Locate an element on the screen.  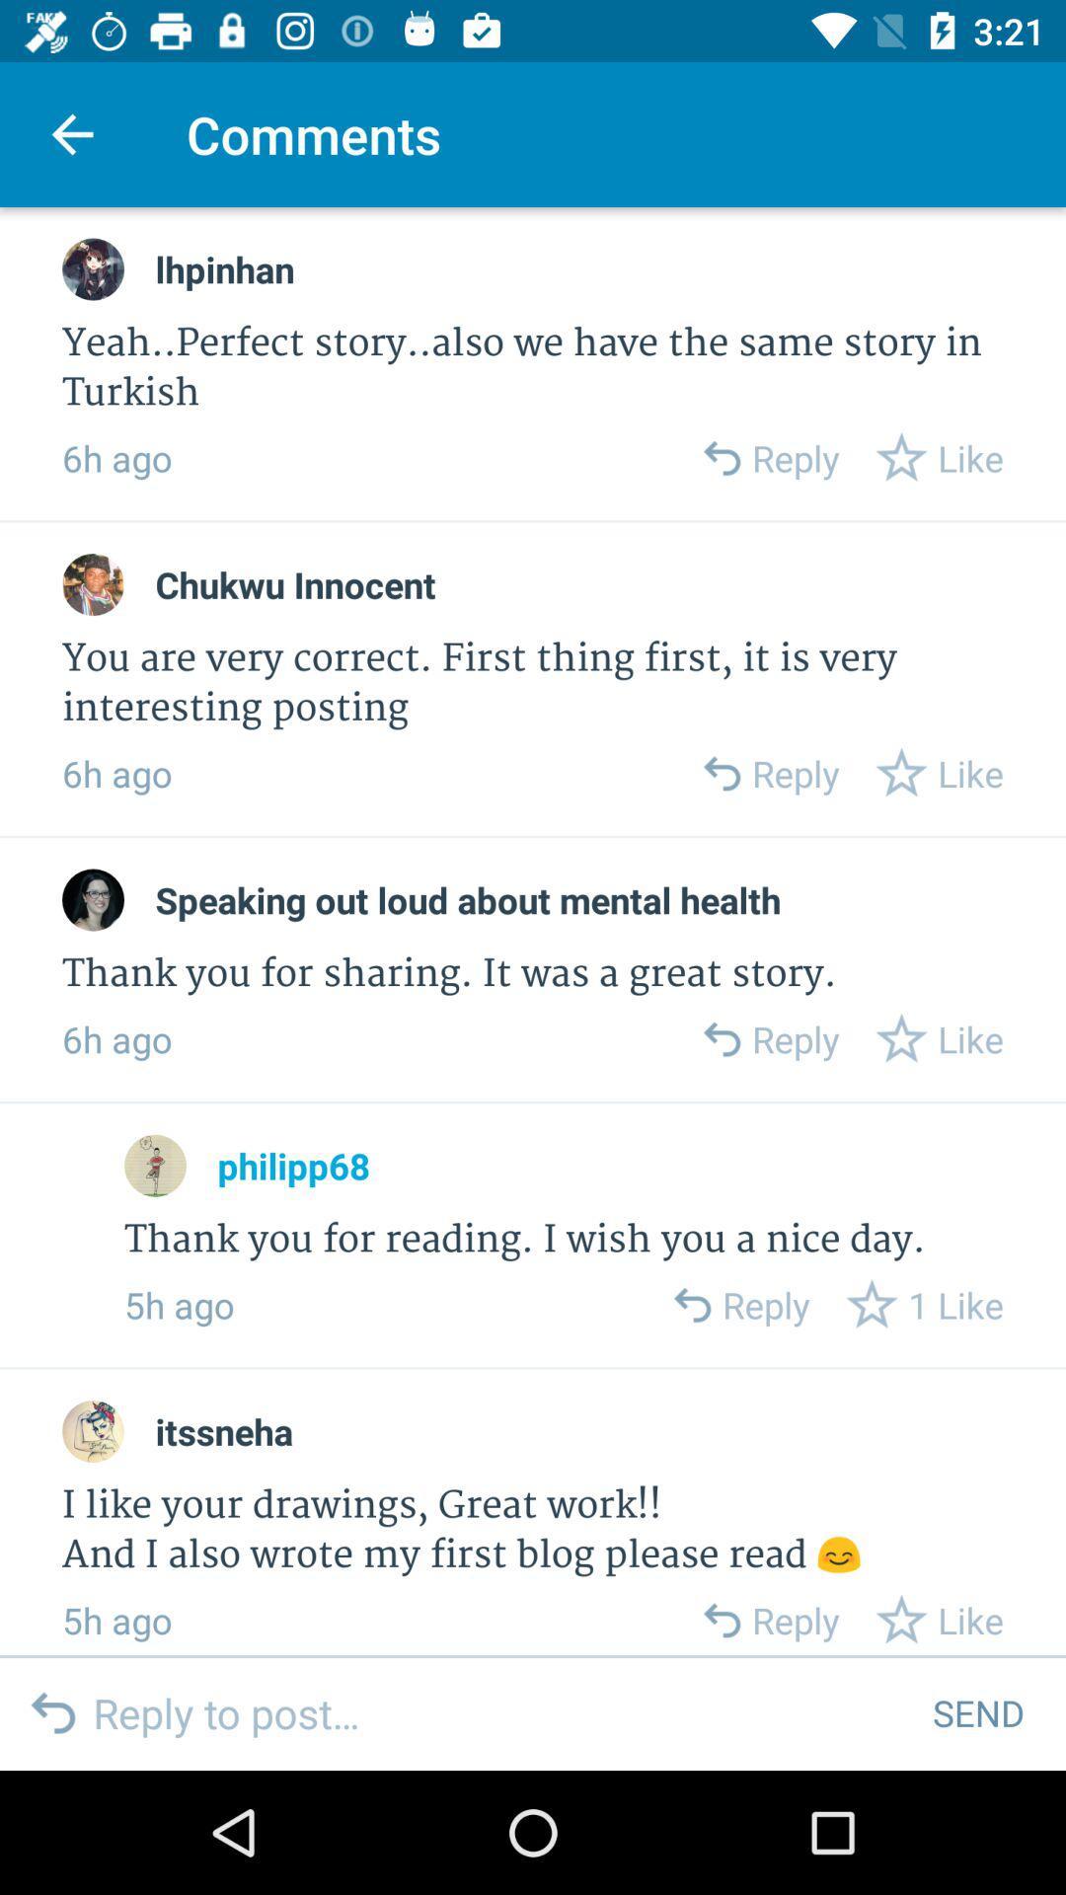
reply to comment is located at coordinates (721, 772).